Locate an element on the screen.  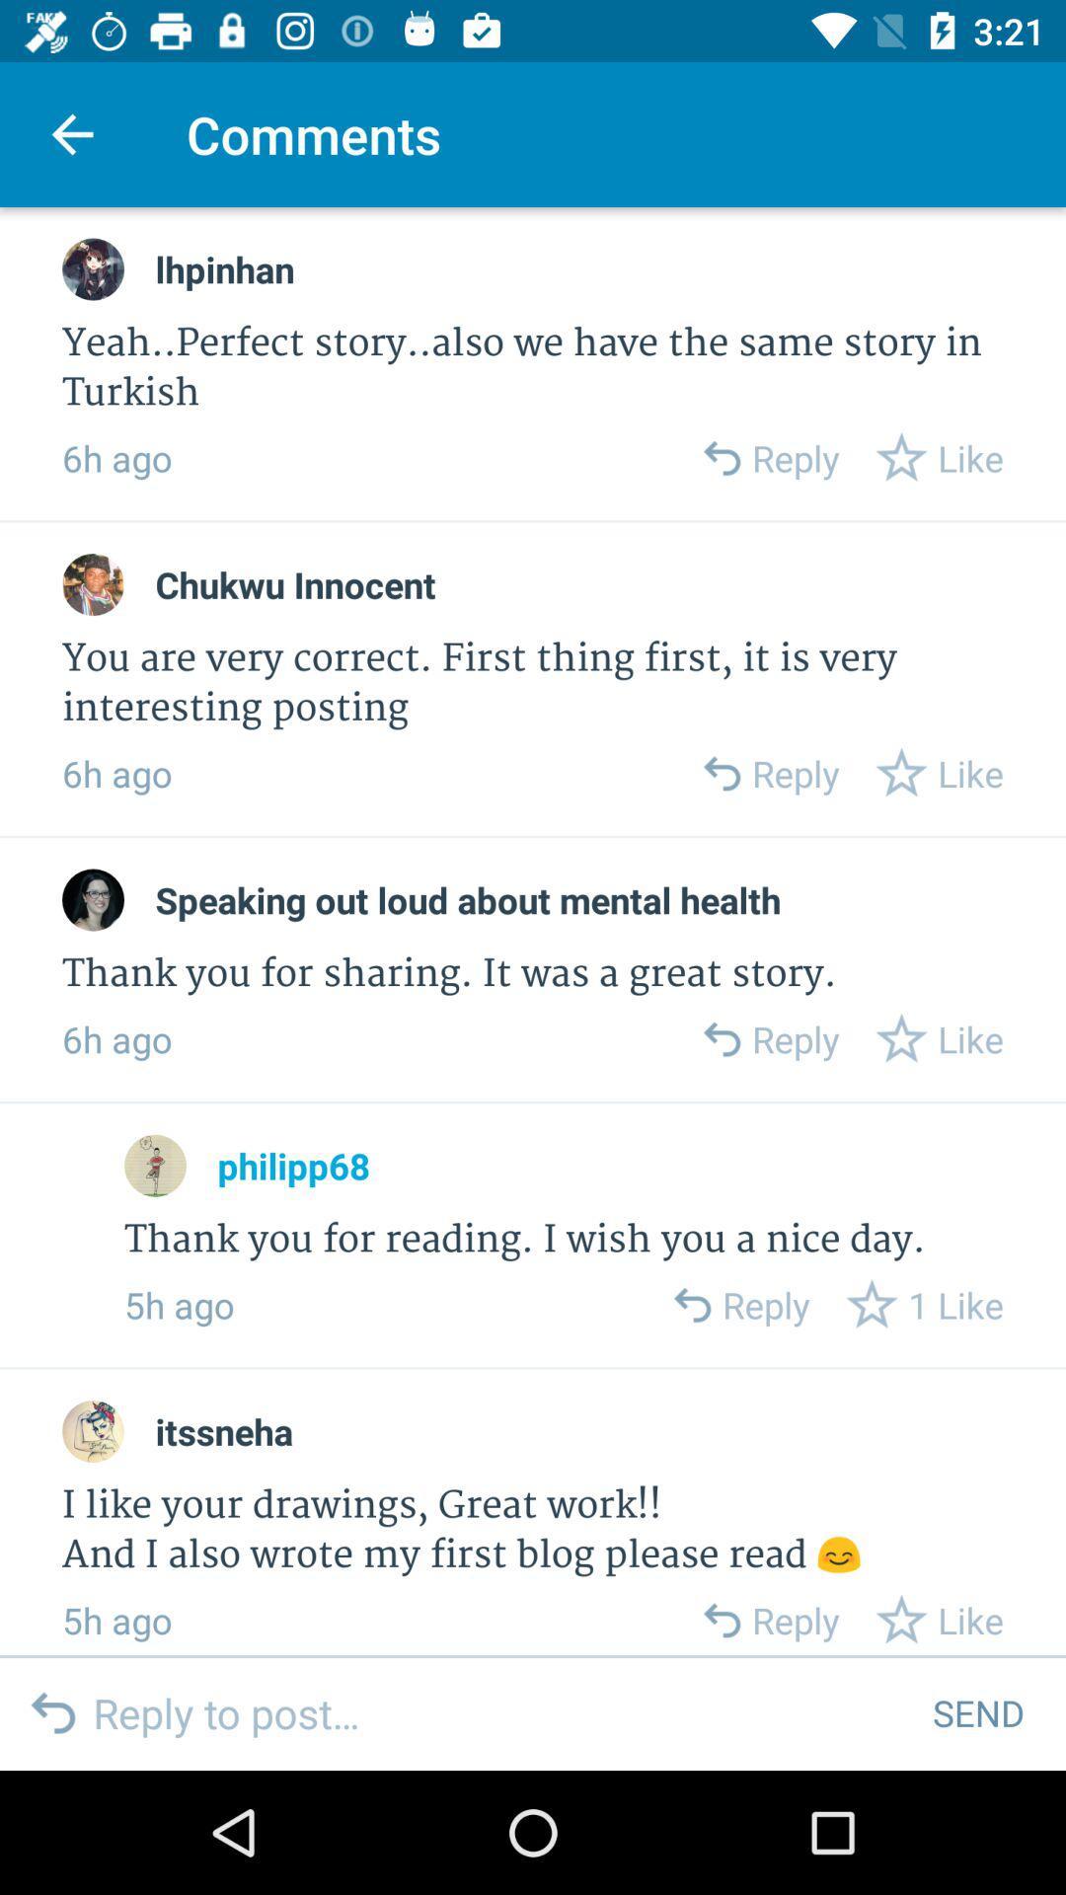
reply to comment is located at coordinates (721, 772).